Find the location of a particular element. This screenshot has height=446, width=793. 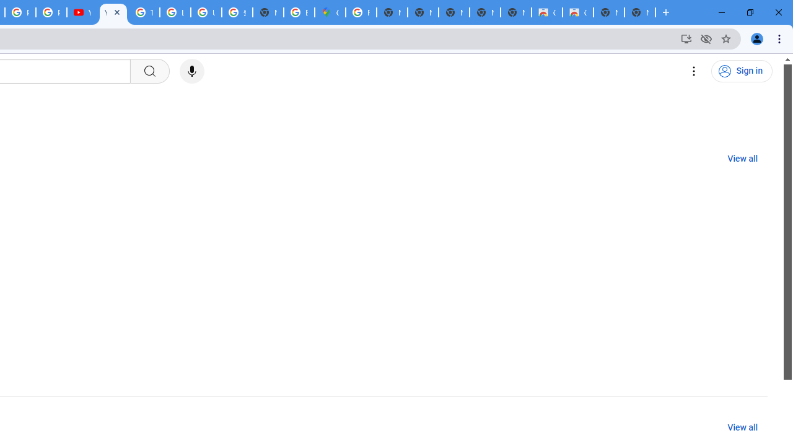

'Install YouTube' is located at coordinates (685, 38).